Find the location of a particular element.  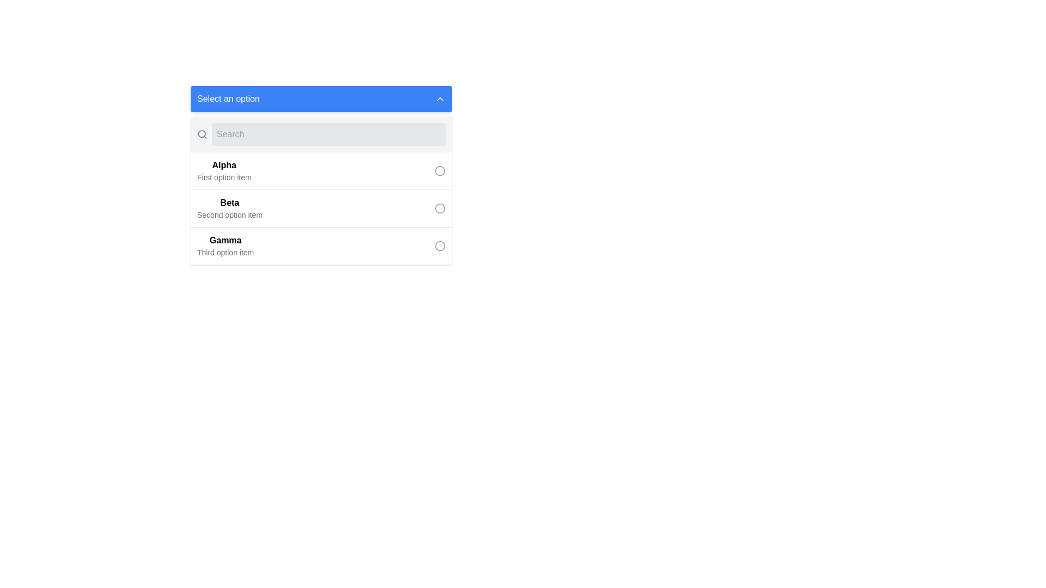

the text label displaying 'Select an option' that is centrally aligned within a blue rectangular background is located at coordinates (228, 99).